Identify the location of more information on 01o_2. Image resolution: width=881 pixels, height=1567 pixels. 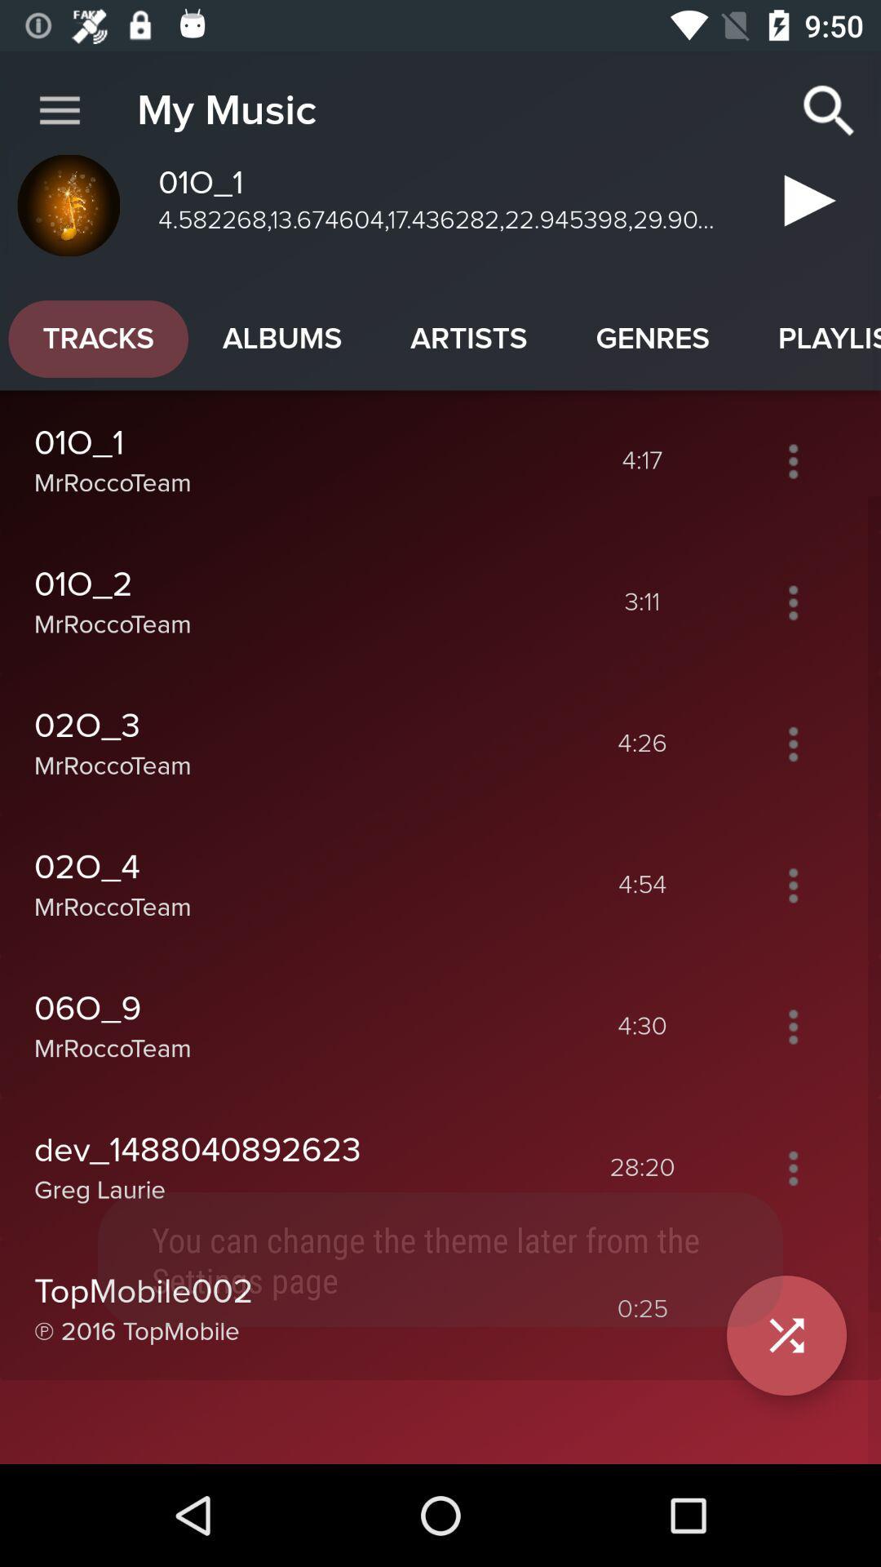
(792, 601).